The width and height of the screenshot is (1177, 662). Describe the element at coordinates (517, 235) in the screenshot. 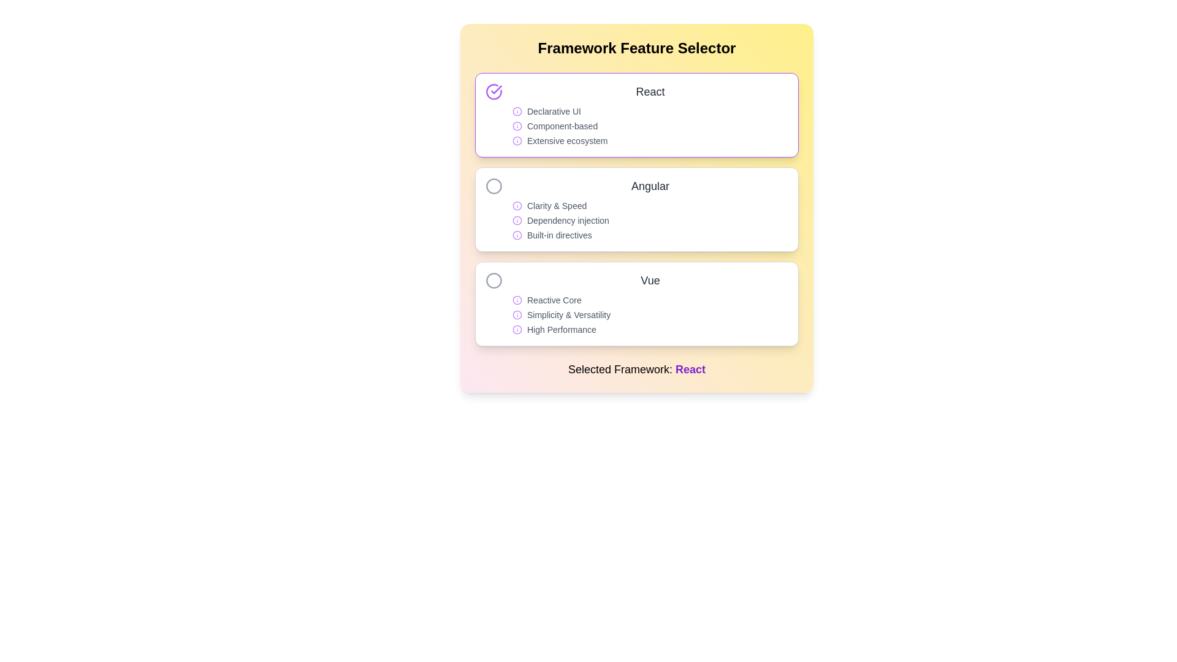

I see `the illustrative icon representing the features of the 'Angular' framework, located in the middle of the icon group` at that location.